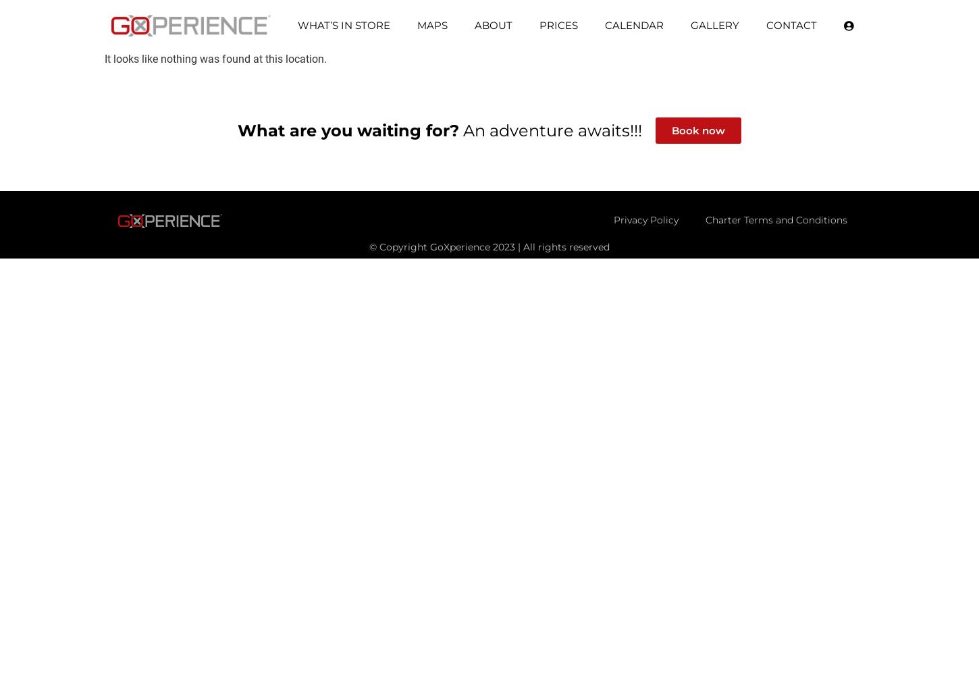 This screenshot has width=979, height=675. I want to click on 'Gallery', so click(714, 25).